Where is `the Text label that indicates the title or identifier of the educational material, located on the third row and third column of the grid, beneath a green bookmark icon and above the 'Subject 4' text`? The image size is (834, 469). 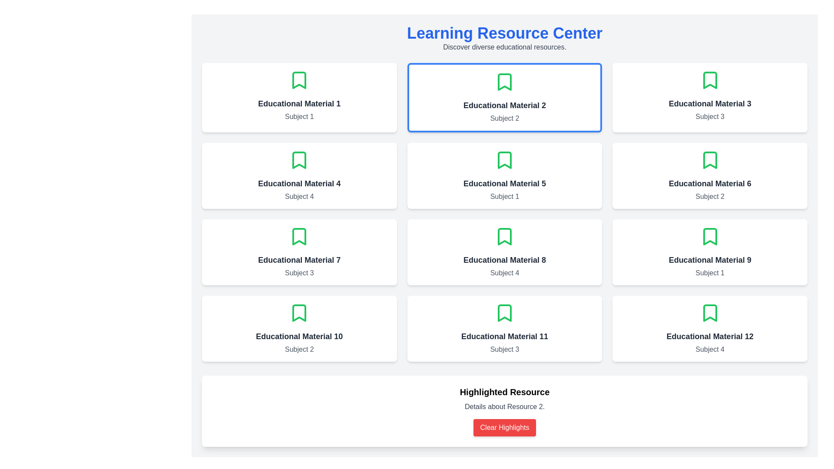 the Text label that indicates the title or identifier of the educational material, located on the third row and third column of the grid, beneath a green bookmark icon and above the 'Subject 4' text is located at coordinates (504, 259).